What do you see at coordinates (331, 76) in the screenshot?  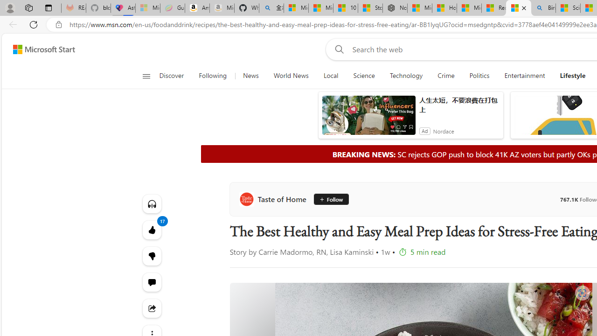 I see `'Local'` at bounding box center [331, 76].